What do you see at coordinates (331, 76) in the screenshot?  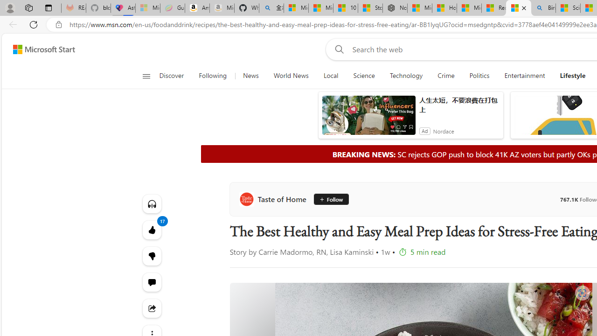 I see `'Local'` at bounding box center [331, 76].